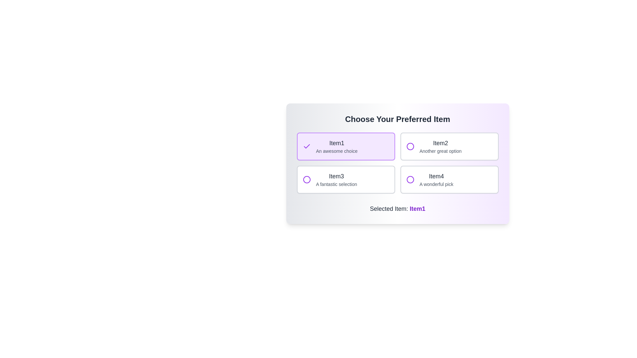 The width and height of the screenshot is (637, 358). I want to click on the primary label for 'Item1' within the selection list, so click(337, 143).